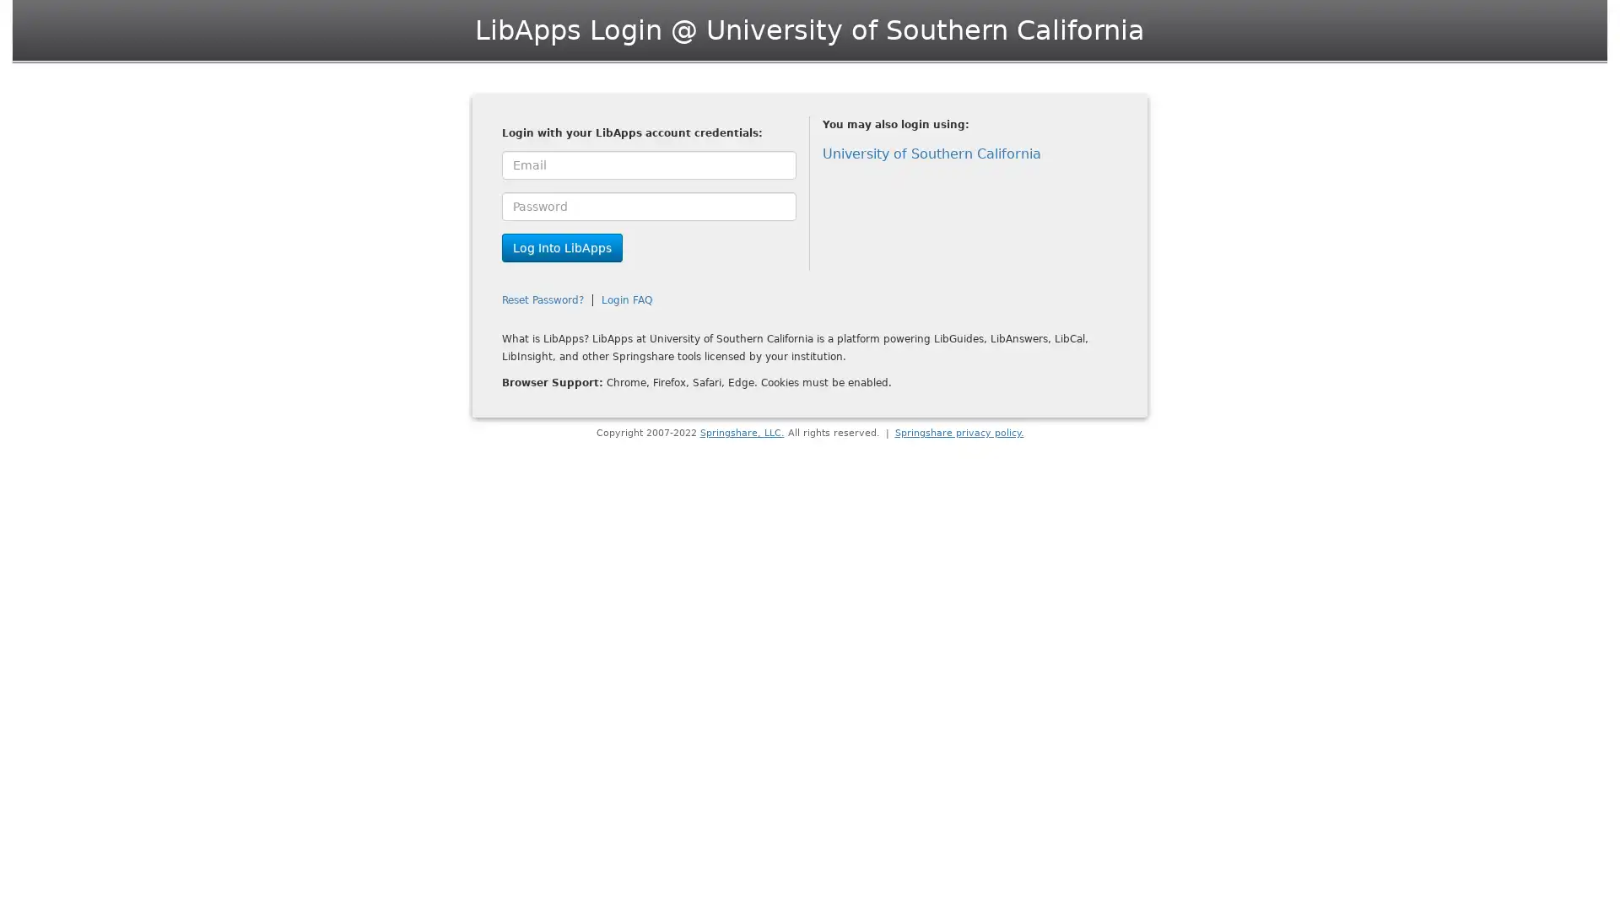 The width and height of the screenshot is (1620, 911). What do you see at coordinates (562, 247) in the screenshot?
I see `Log Into LibApps` at bounding box center [562, 247].